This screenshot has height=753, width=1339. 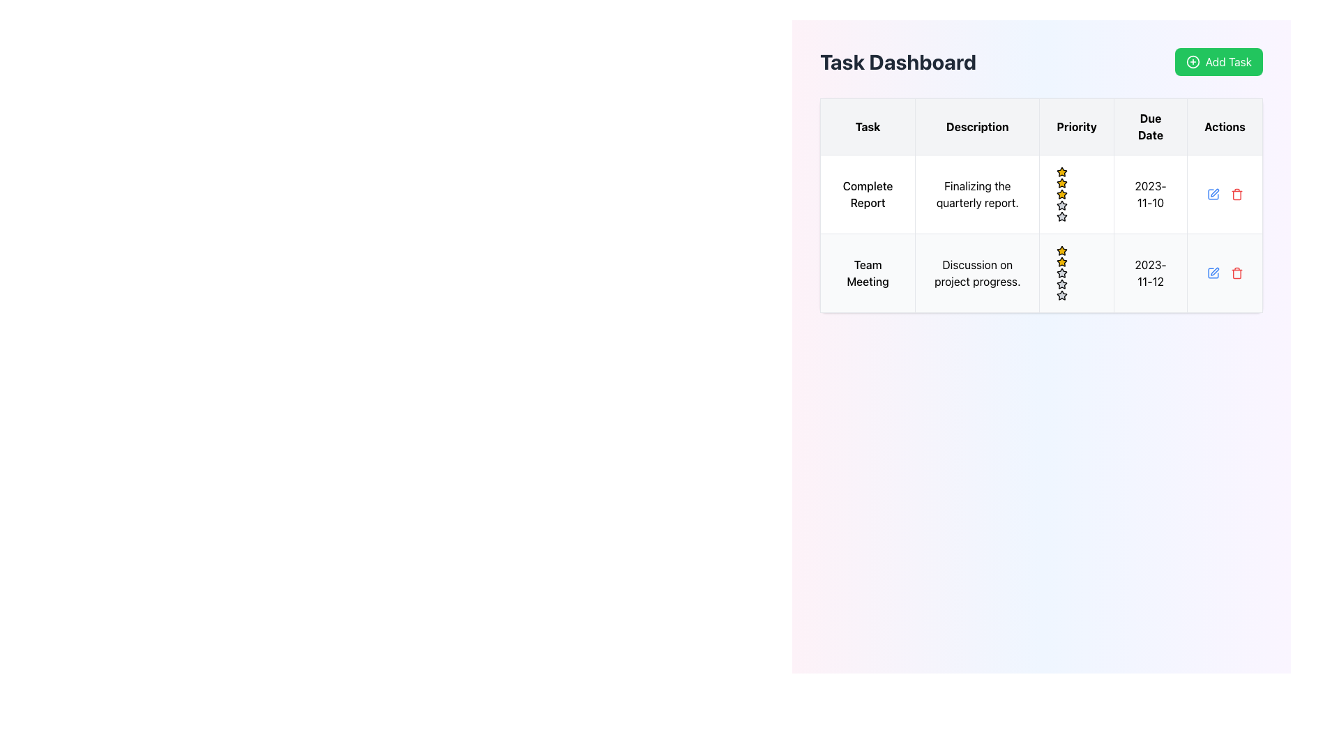 What do you see at coordinates (976, 194) in the screenshot?
I see `the textual description located in the second cell of the 'Description' column in the task dashboard, which is to the right of the 'Complete Report' cell` at bounding box center [976, 194].